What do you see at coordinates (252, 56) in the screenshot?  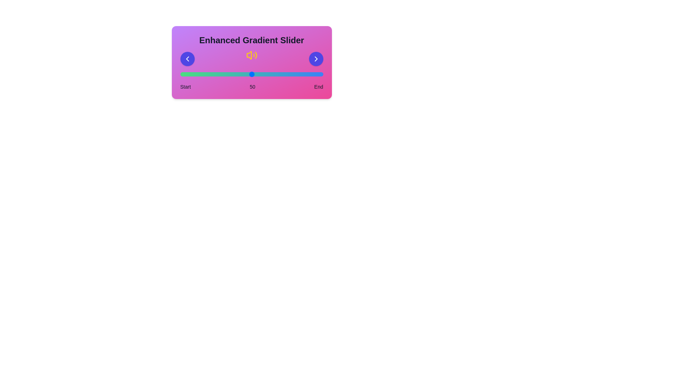 I see `the animated volume icon to observe its animation` at bounding box center [252, 56].